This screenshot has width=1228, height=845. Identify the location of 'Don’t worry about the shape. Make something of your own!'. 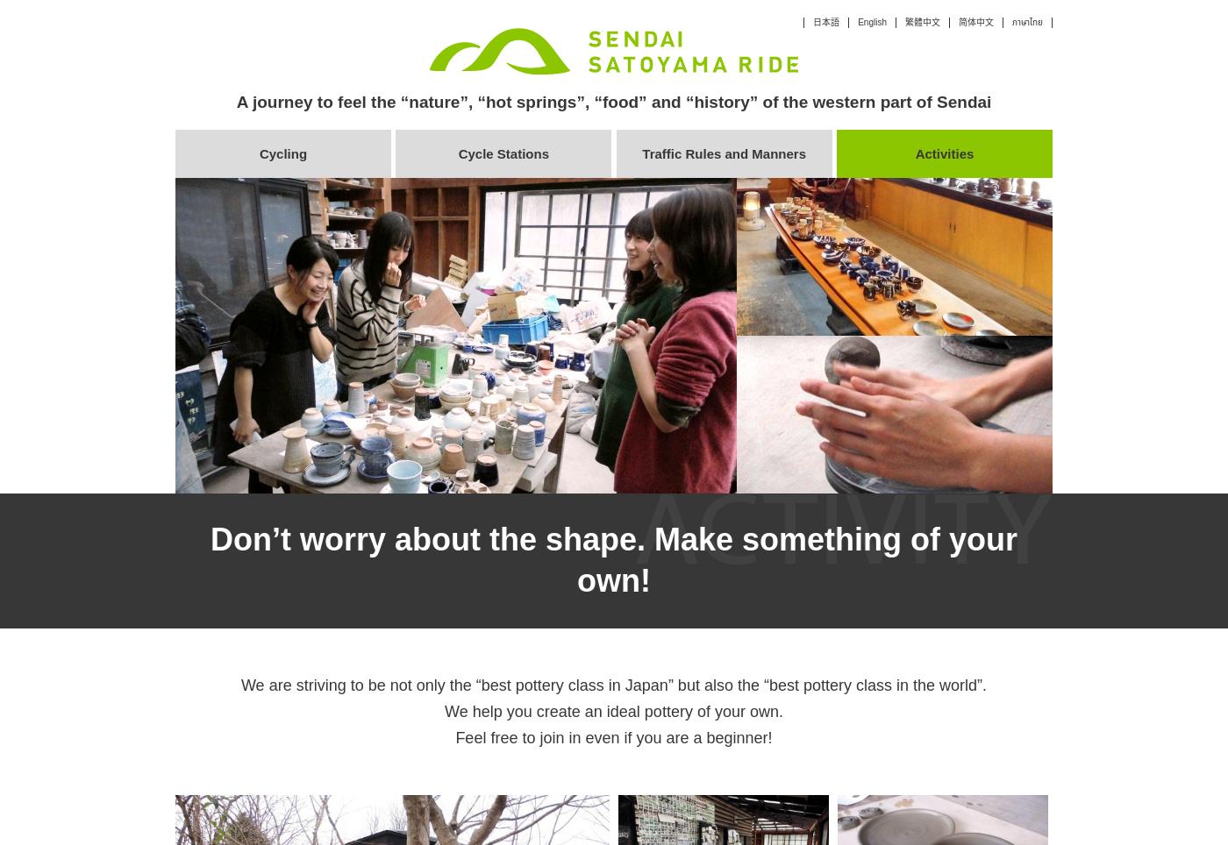
(209, 560).